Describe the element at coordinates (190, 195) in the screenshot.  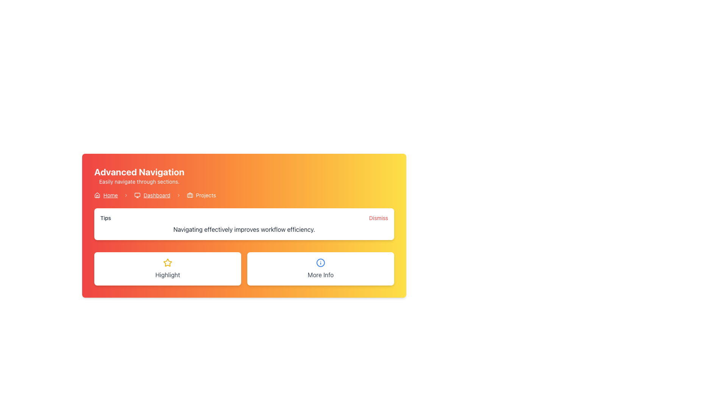
I see `the minimalistic rectangular element located within the briefcase icon at the top-right corner of the interface` at that location.